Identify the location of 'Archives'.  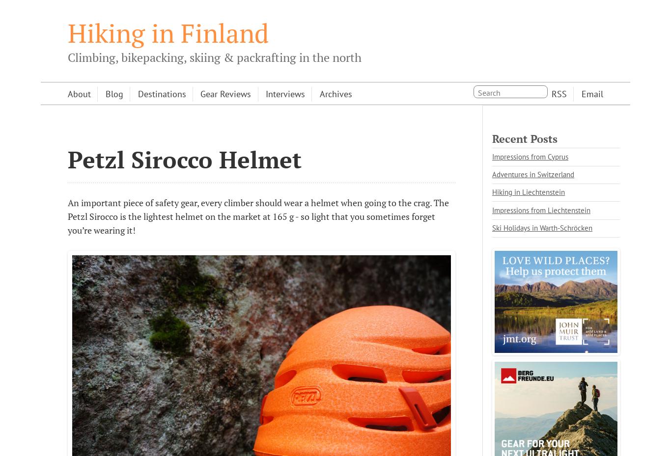
(335, 93).